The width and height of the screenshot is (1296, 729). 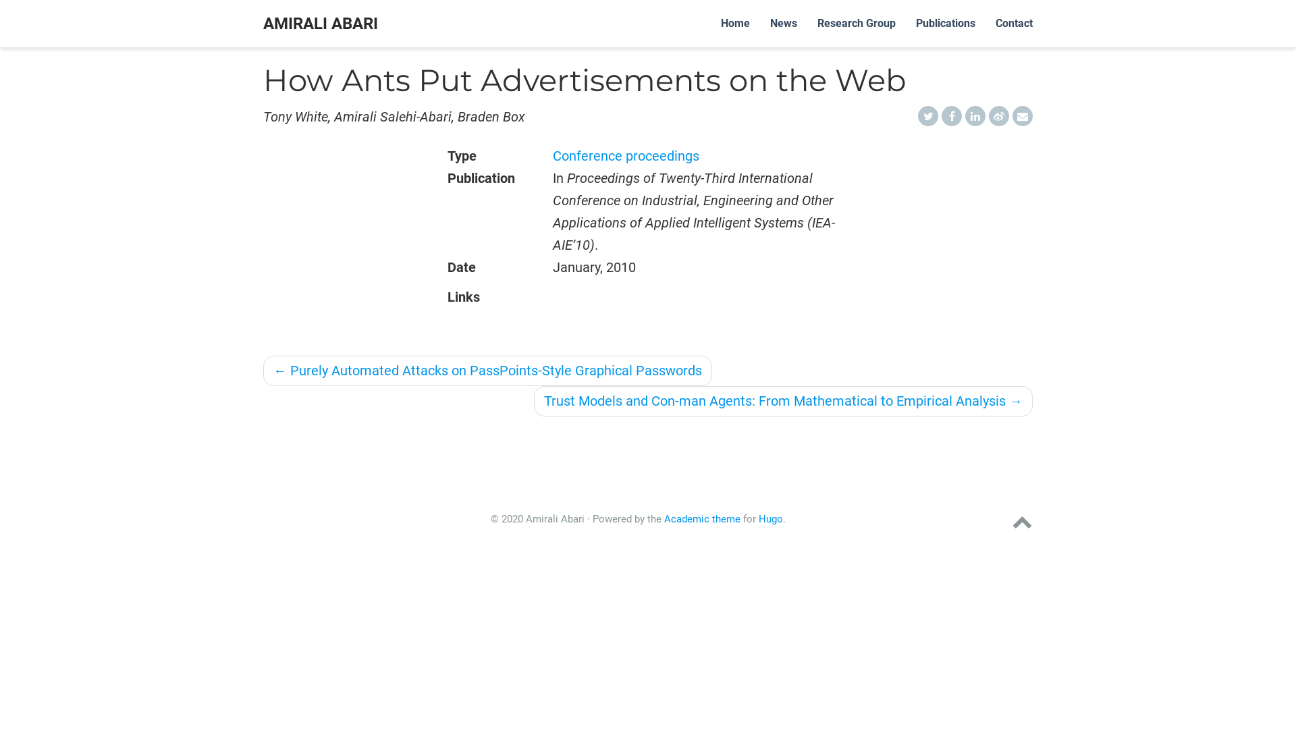 I want to click on 'Publications', so click(x=906, y=23).